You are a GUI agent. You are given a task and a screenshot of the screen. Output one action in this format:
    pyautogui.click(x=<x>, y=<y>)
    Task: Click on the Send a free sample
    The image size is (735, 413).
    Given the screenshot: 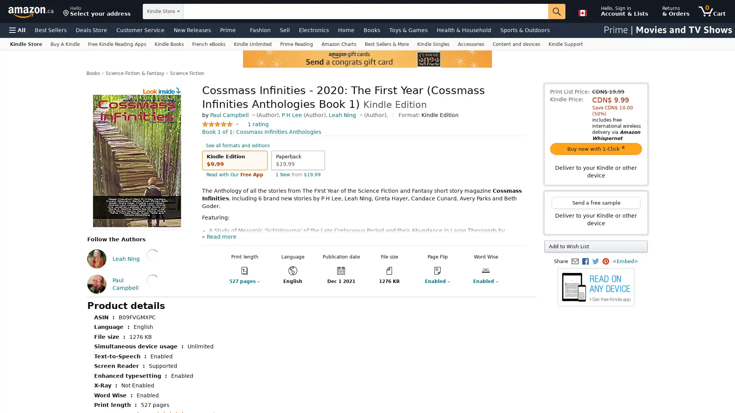 What is the action you would take?
    pyautogui.click(x=595, y=202)
    